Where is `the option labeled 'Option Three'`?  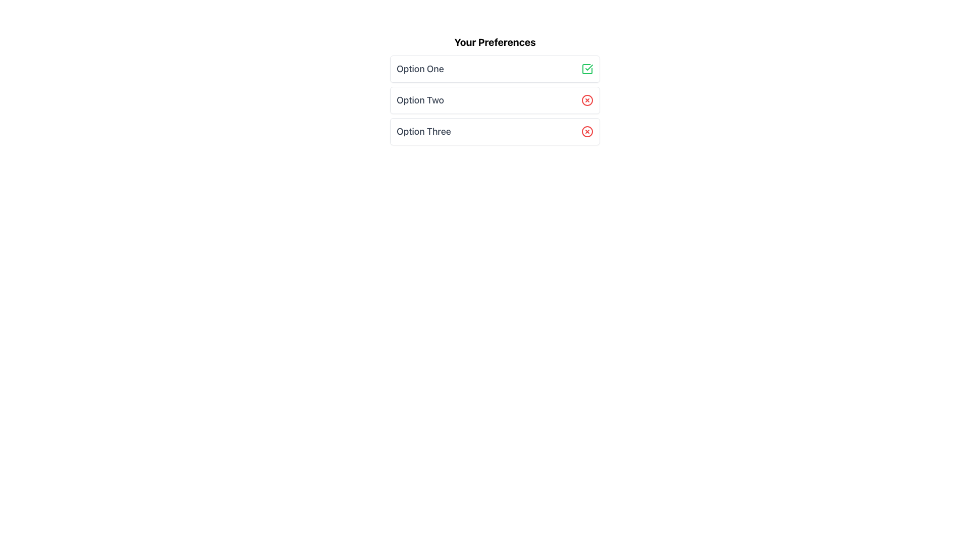
the option labeled 'Option Three' is located at coordinates (495, 131).